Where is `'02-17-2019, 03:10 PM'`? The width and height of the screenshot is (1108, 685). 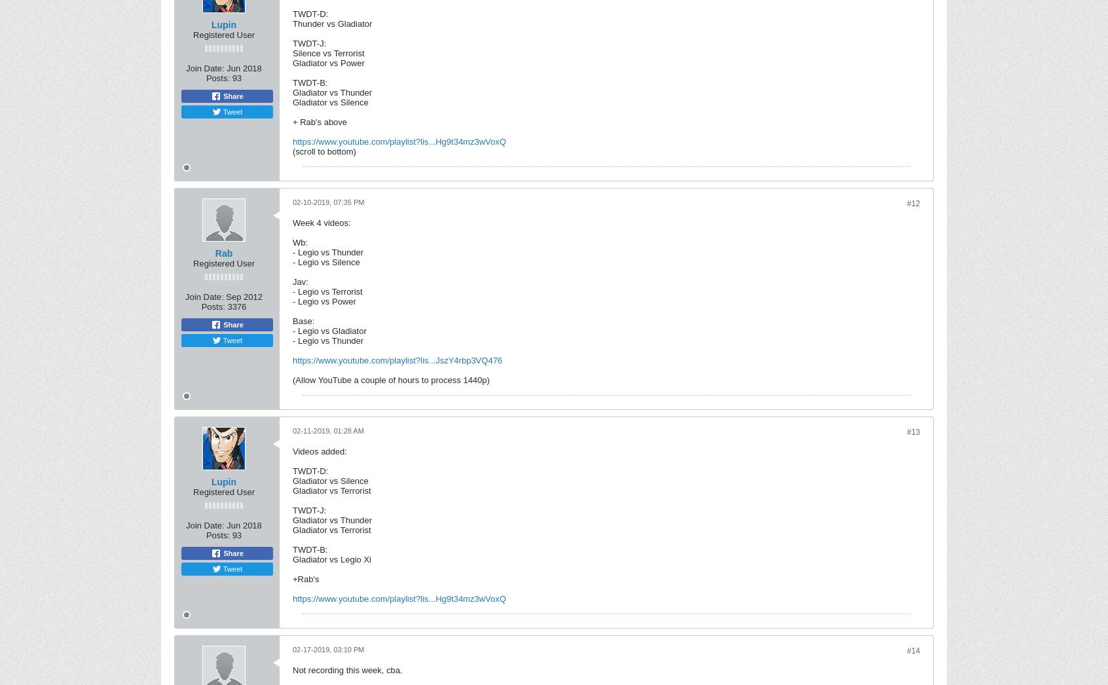 '02-17-2019, 03:10 PM' is located at coordinates (328, 649).